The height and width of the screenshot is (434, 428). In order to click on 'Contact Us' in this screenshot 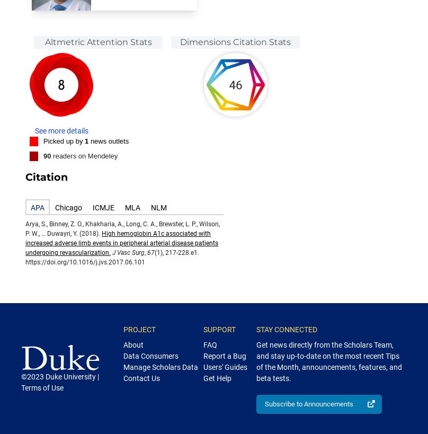, I will do `click(141, 378)`.